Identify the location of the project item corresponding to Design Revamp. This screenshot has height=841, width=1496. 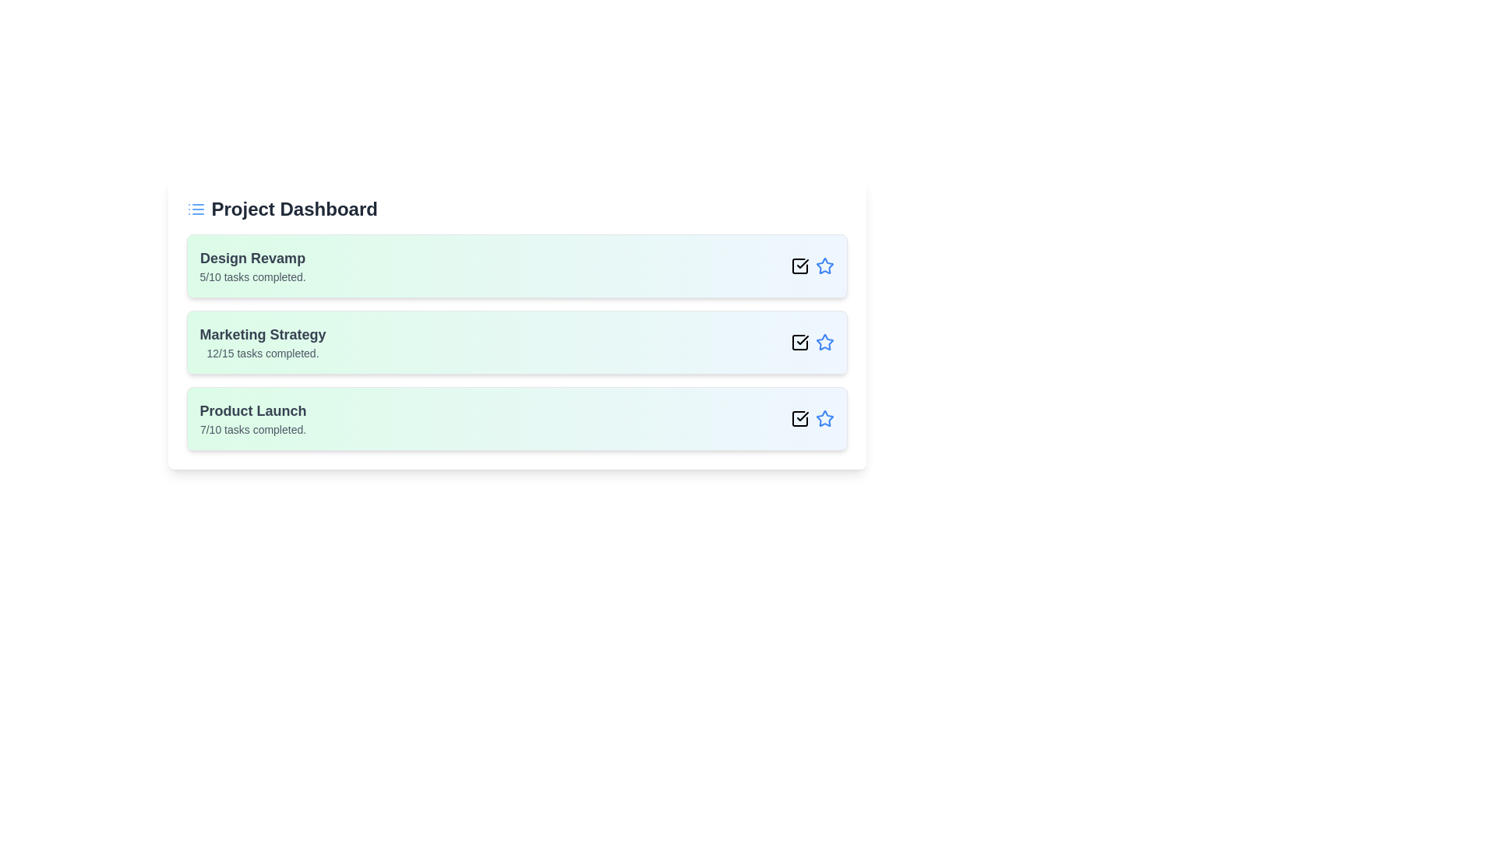
(517, 266).